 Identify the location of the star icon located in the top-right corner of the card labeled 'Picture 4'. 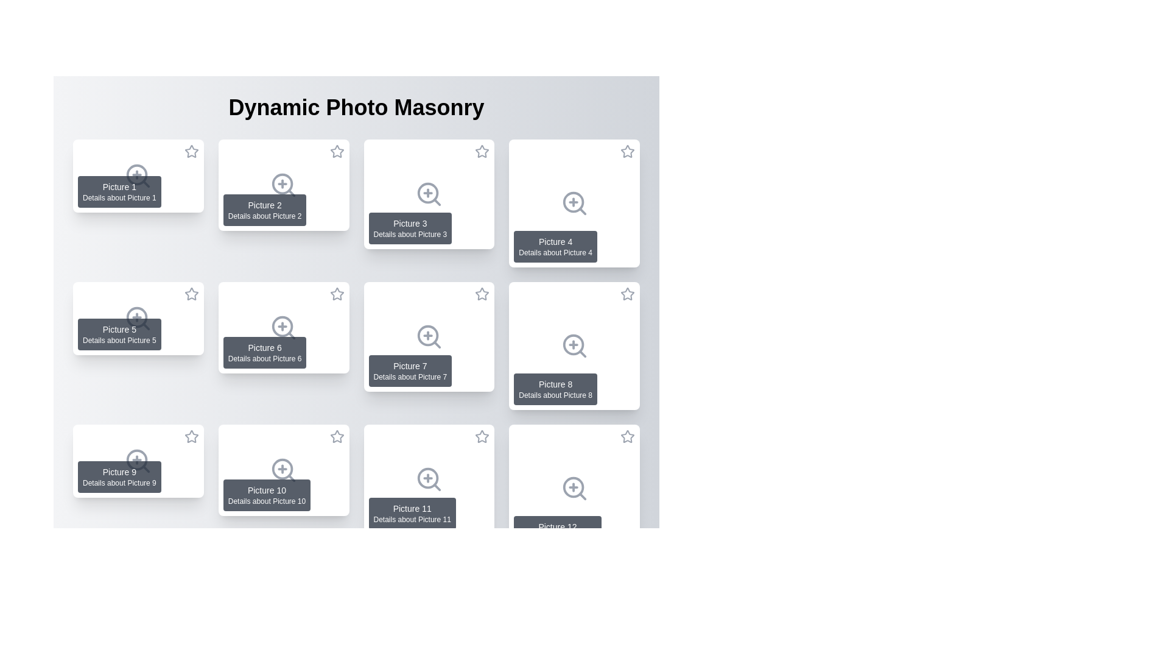
(628, 153).